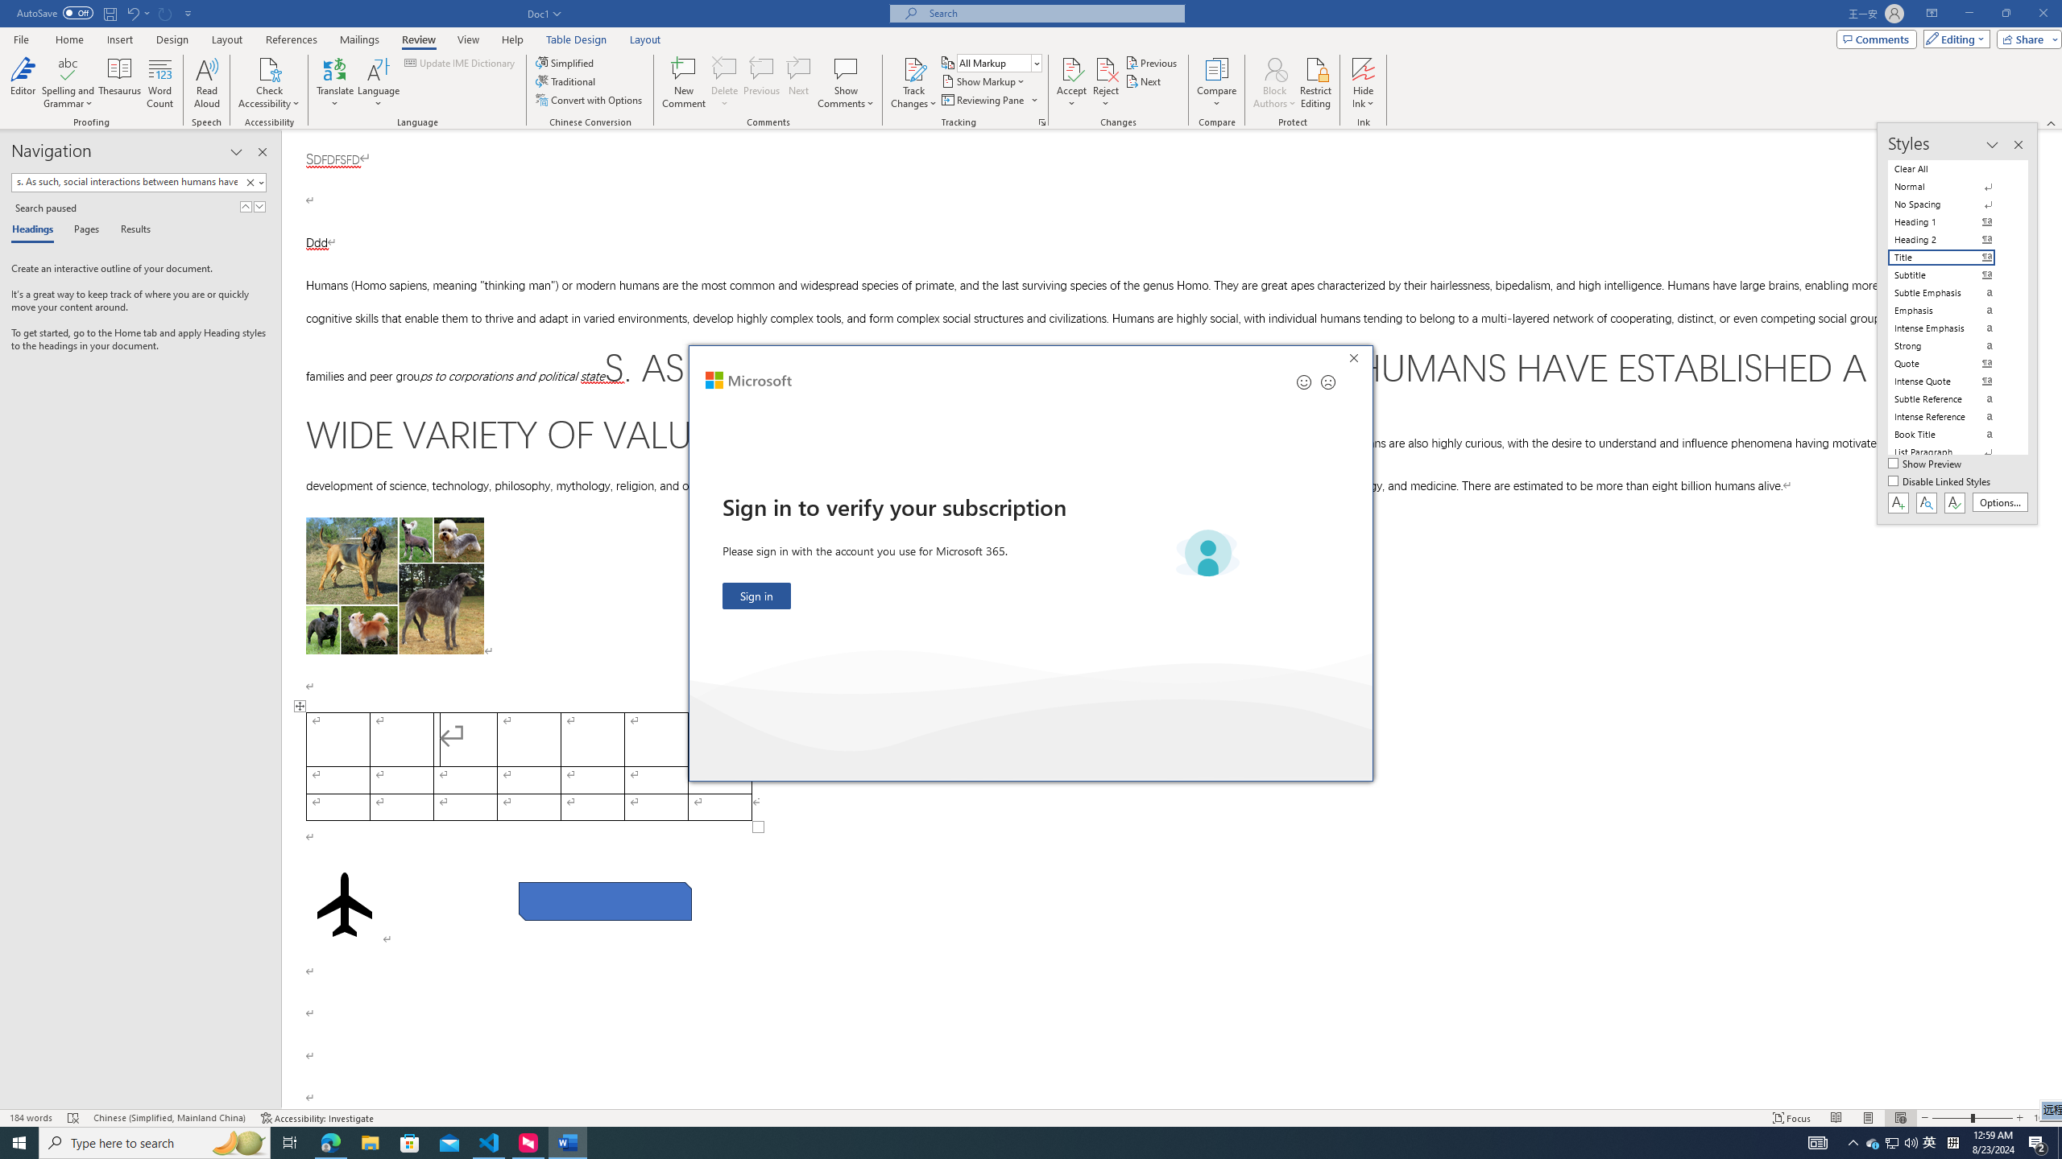  Describe the element at coordinates (68, 83) in the screenshot. I see `'Spelling and Grammar'` at that location.